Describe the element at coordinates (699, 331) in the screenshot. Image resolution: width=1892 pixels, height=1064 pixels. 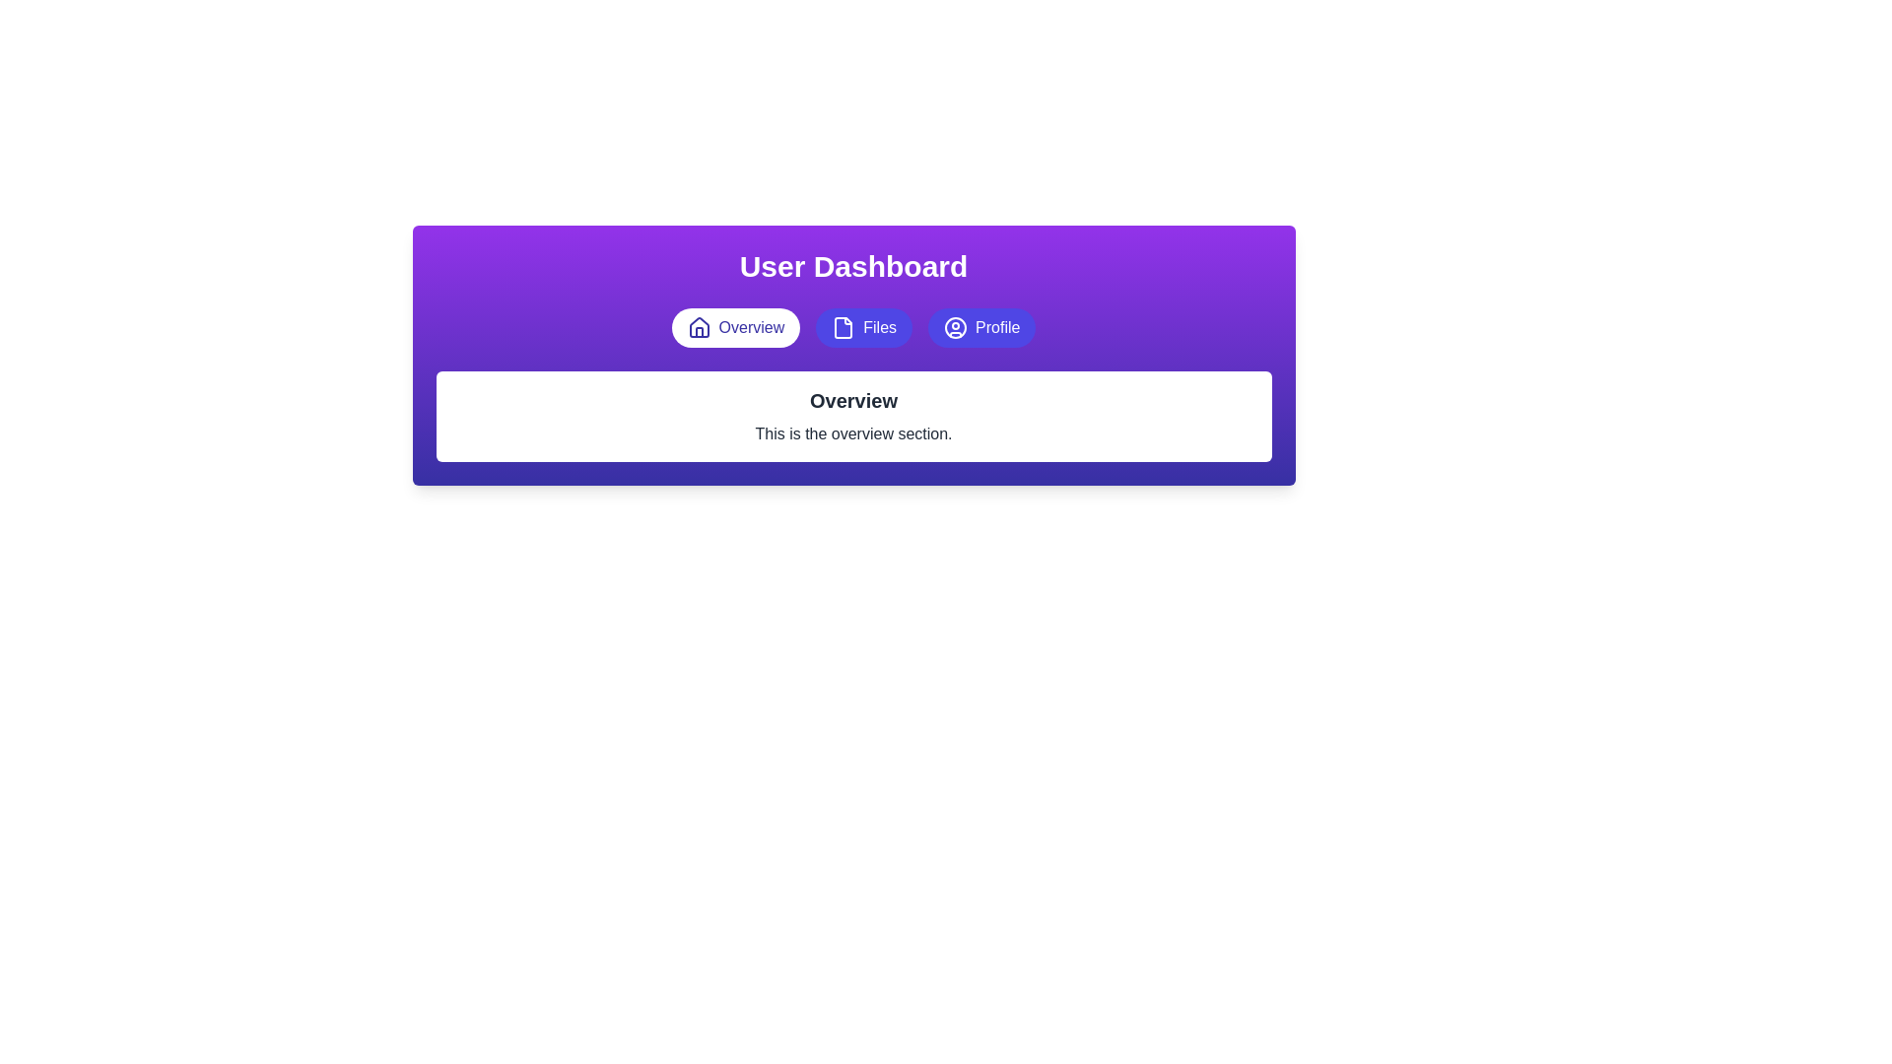
I see `the door icon within the house icon located in the header section under the 'Overview' button` at that location.